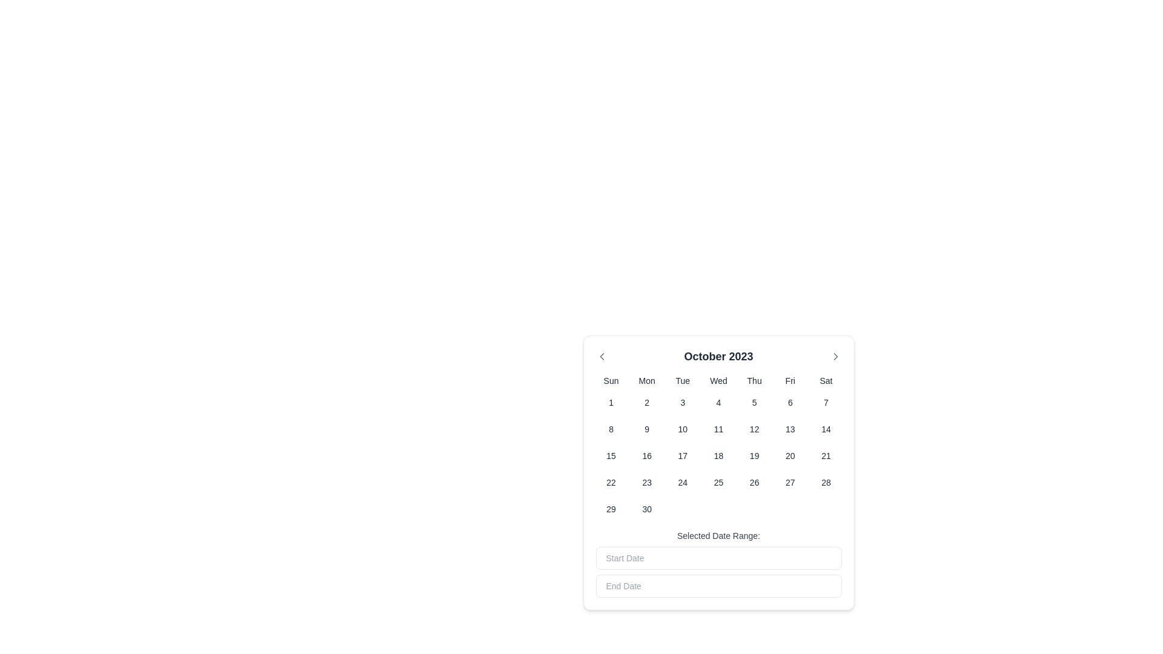  I want to click on the rounded rectangular button with a light gray background and black text displaying '10' located under the 'Tue' column in the calendar for October 10th, 2023, so click(683, 429).